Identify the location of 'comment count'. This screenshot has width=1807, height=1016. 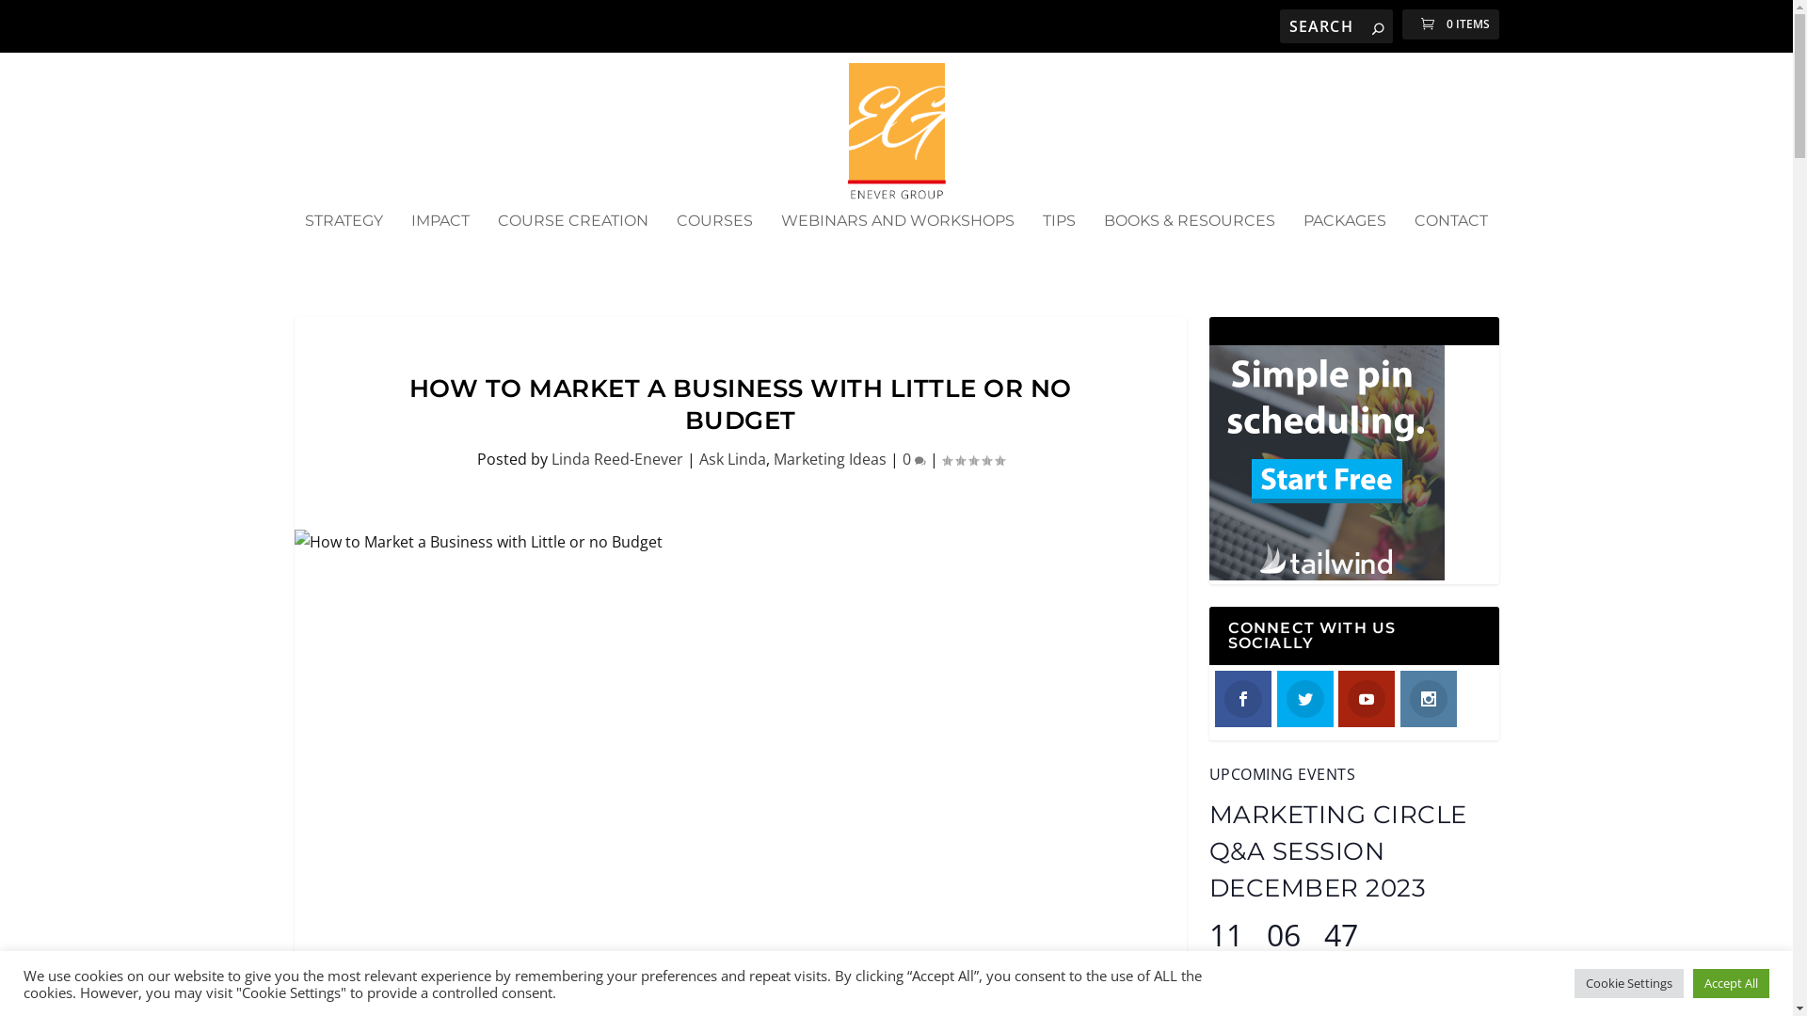
(920, 460).